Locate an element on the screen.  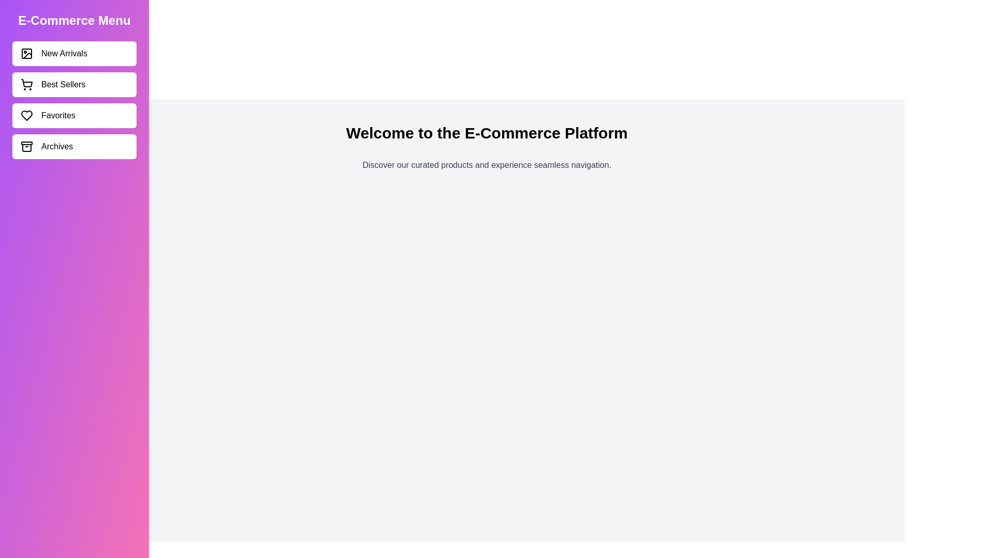
the icon corresponding to New Arrivals in the sidebar is located at coordinates (27, 54).